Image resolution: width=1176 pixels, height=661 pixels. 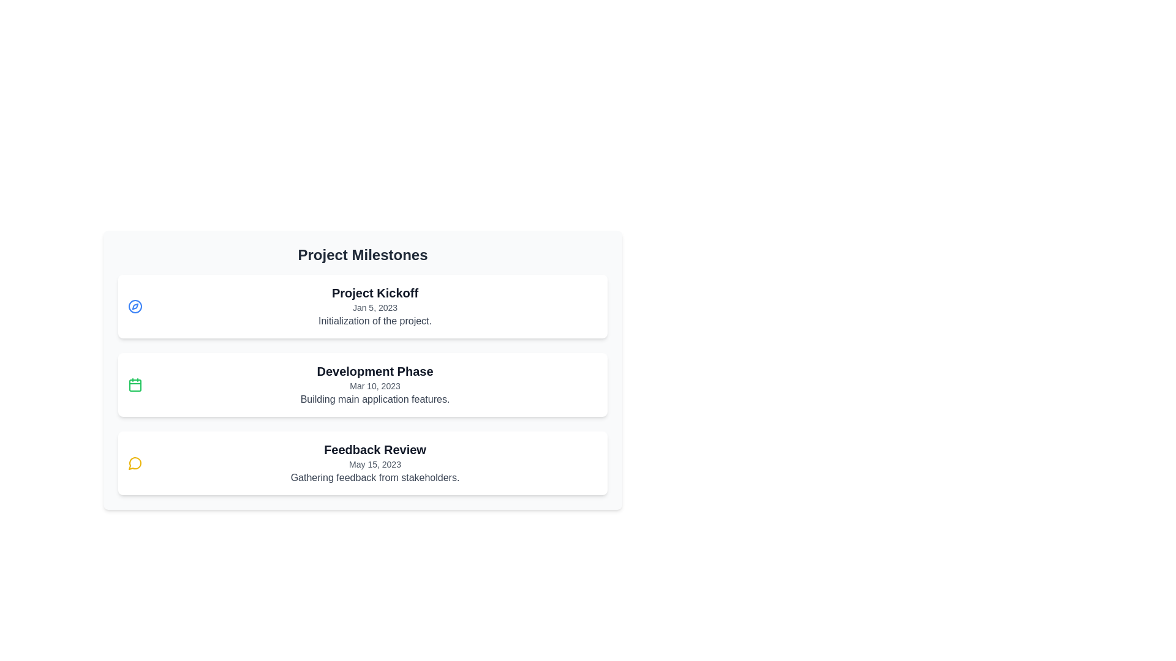 I want to click on the static text element that serves as the title for the first milestone in the project milestones list, so click(x=374, y=293).